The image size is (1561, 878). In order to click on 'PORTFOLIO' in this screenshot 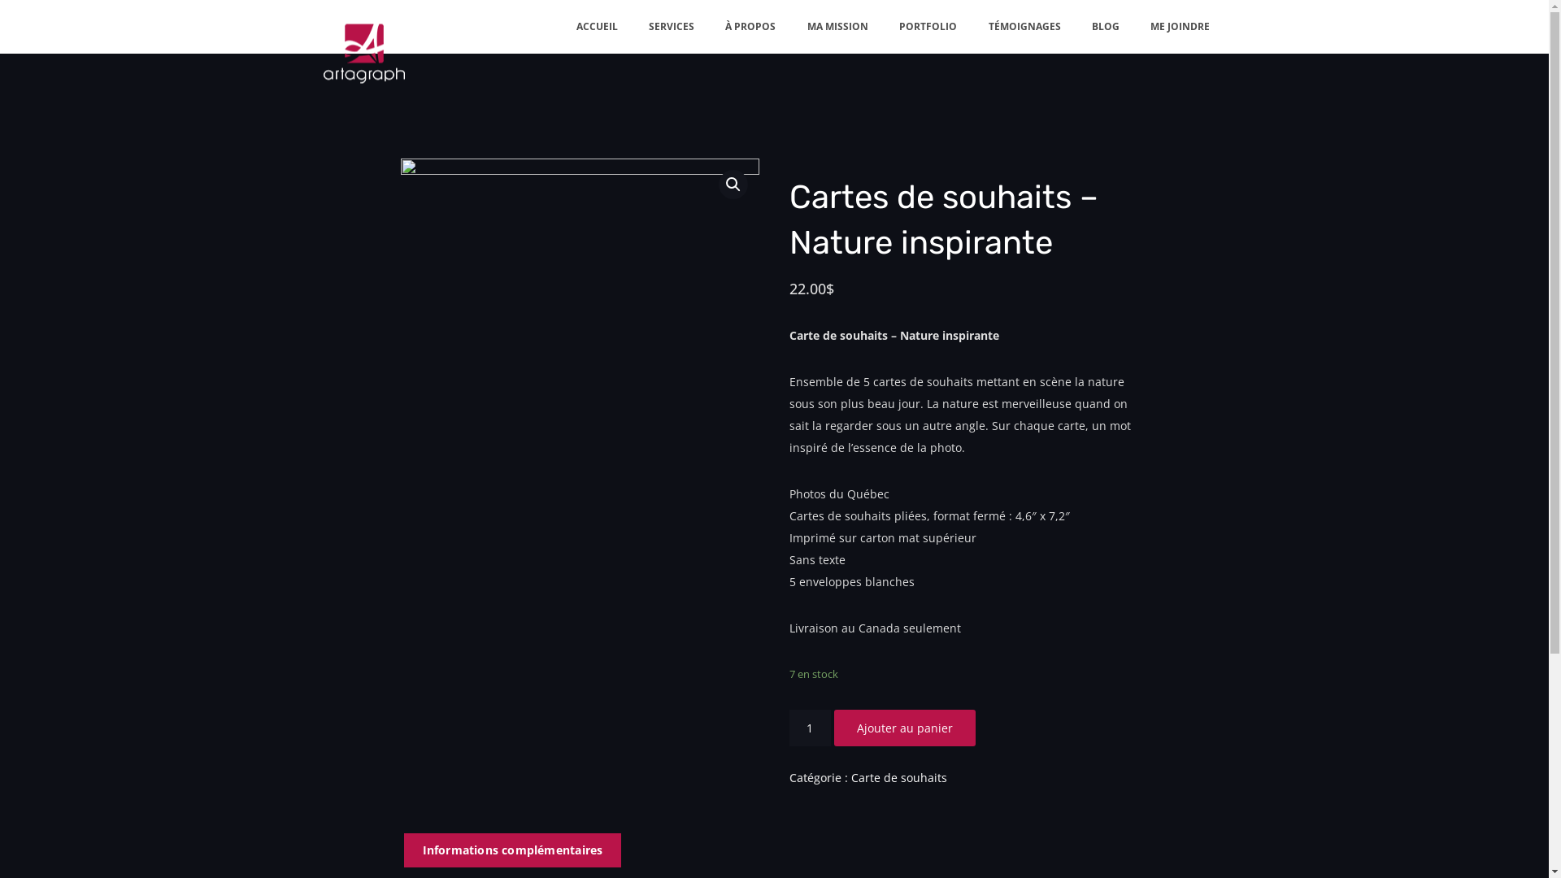, I will do `click(928, 27)`.